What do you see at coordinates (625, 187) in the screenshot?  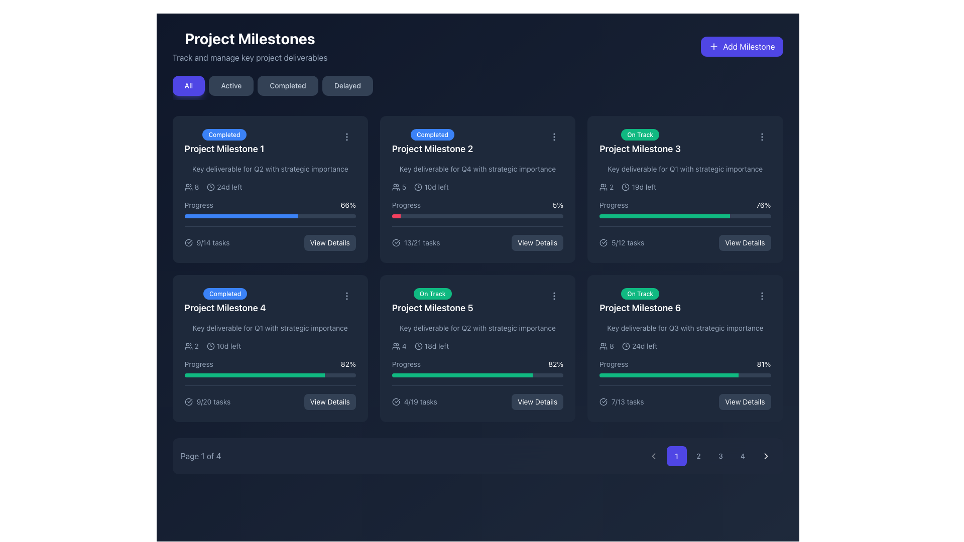 I see `the time-related icon located in the top-right corner of the 'Project Milestone 3' card, which is positioned to the left of the text '19d left'` at bounding box center [625, 187].